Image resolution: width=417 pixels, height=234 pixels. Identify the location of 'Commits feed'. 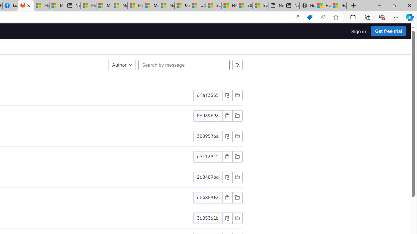
(237, 65).